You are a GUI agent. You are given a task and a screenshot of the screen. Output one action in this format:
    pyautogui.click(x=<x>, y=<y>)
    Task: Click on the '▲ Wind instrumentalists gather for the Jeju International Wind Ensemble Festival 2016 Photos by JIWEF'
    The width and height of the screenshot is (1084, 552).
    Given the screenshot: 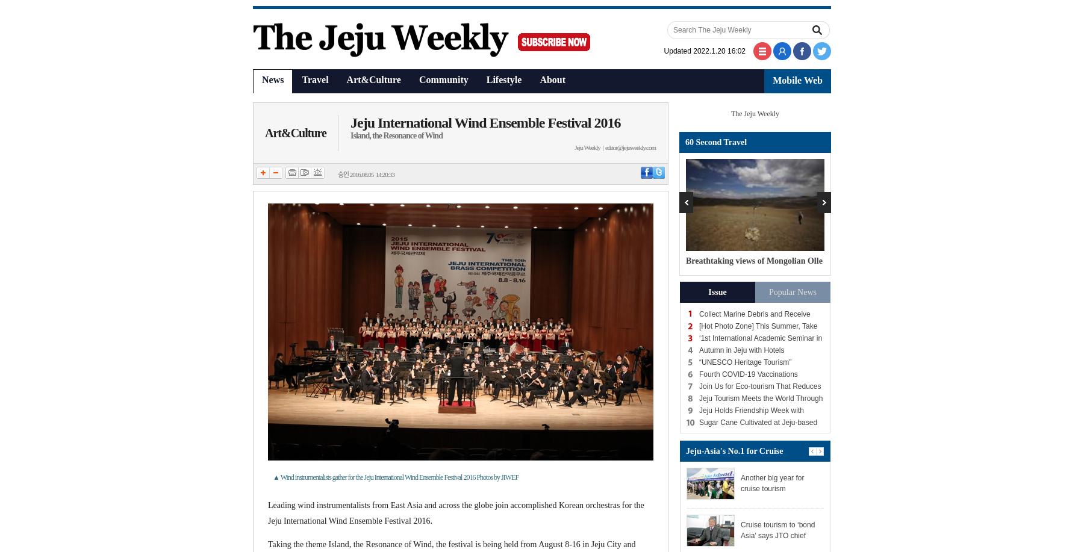 What is the action you would take?
    pyautogui.click(x=272, y=477)
    